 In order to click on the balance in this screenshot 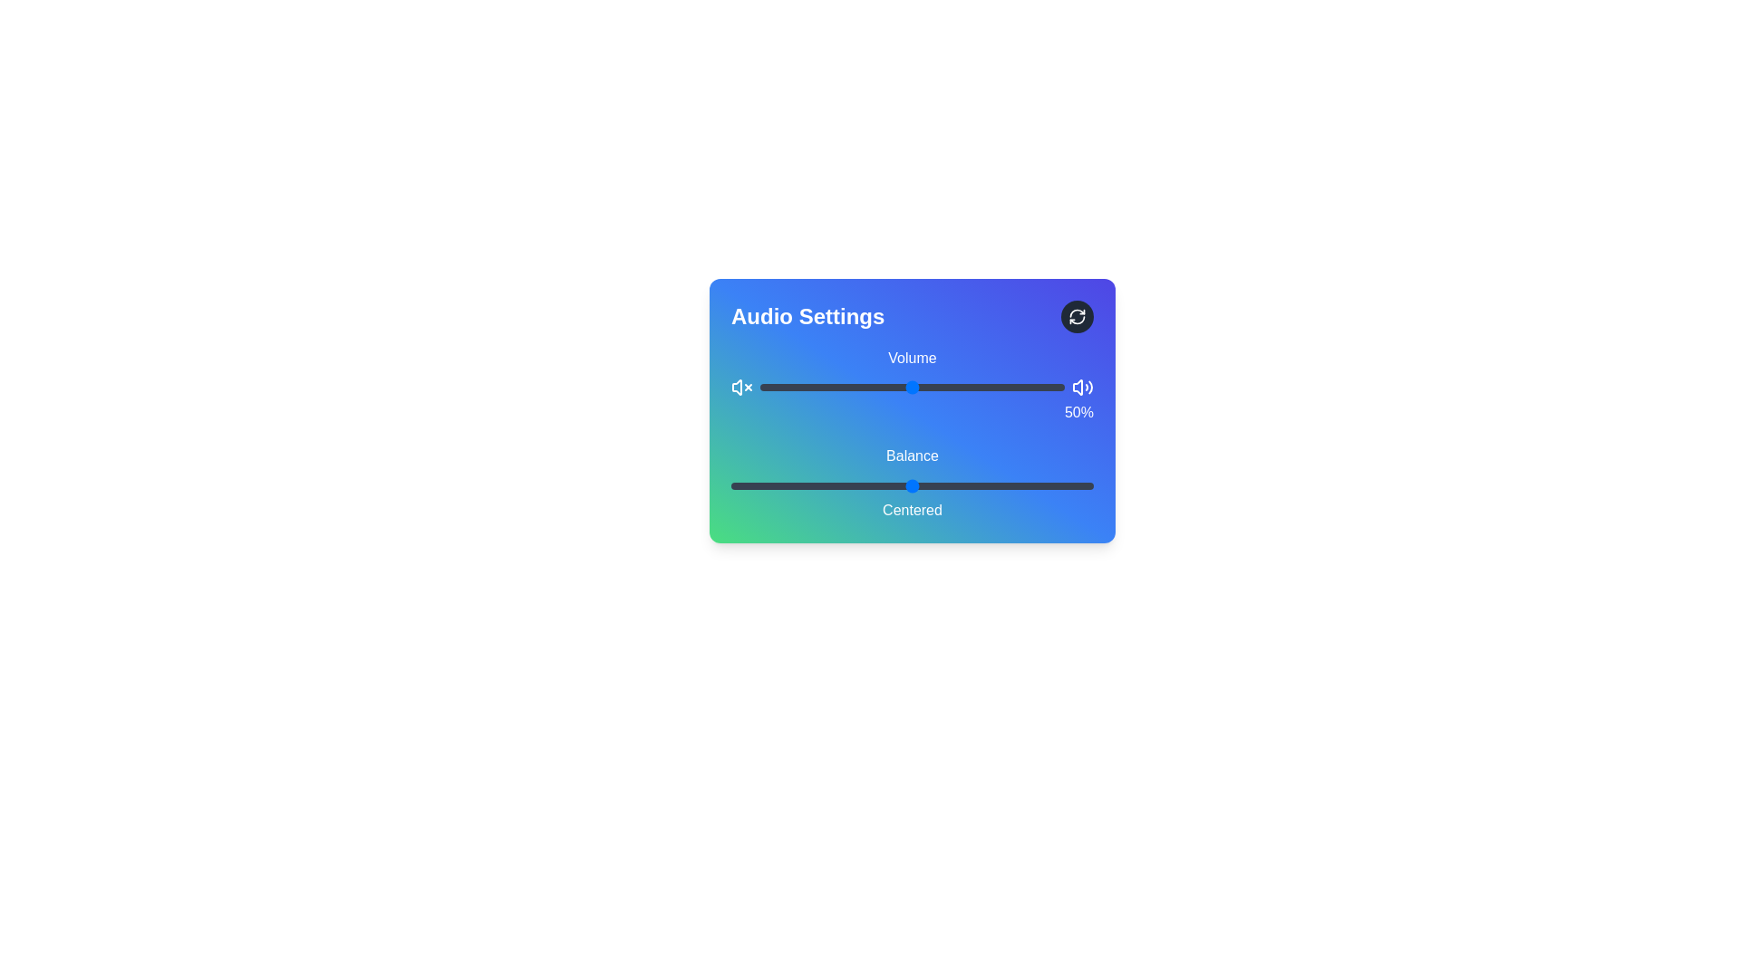, I will do `click(1025, 484)`.